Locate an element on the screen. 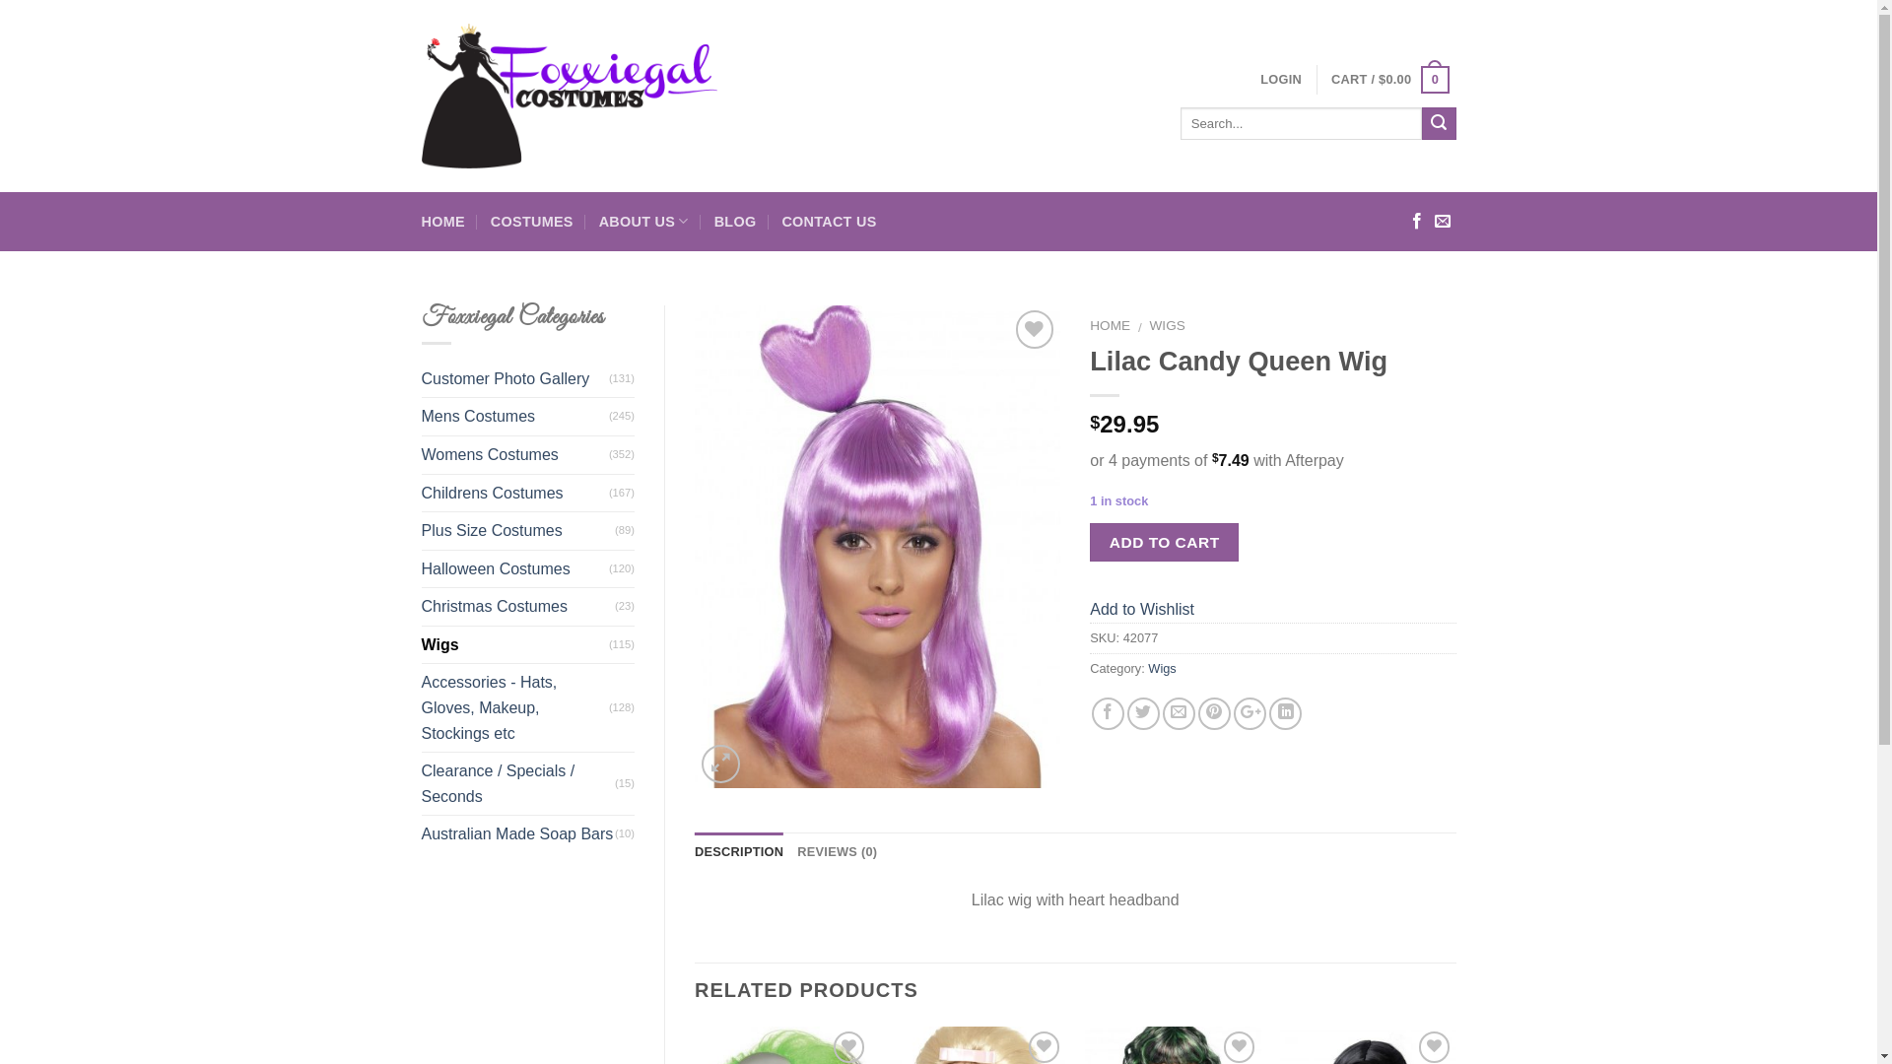 Image resolution: width=1892 pixels, height=1064 pixels. 'ADD TO CART' is located at coordinates (1164, 542).